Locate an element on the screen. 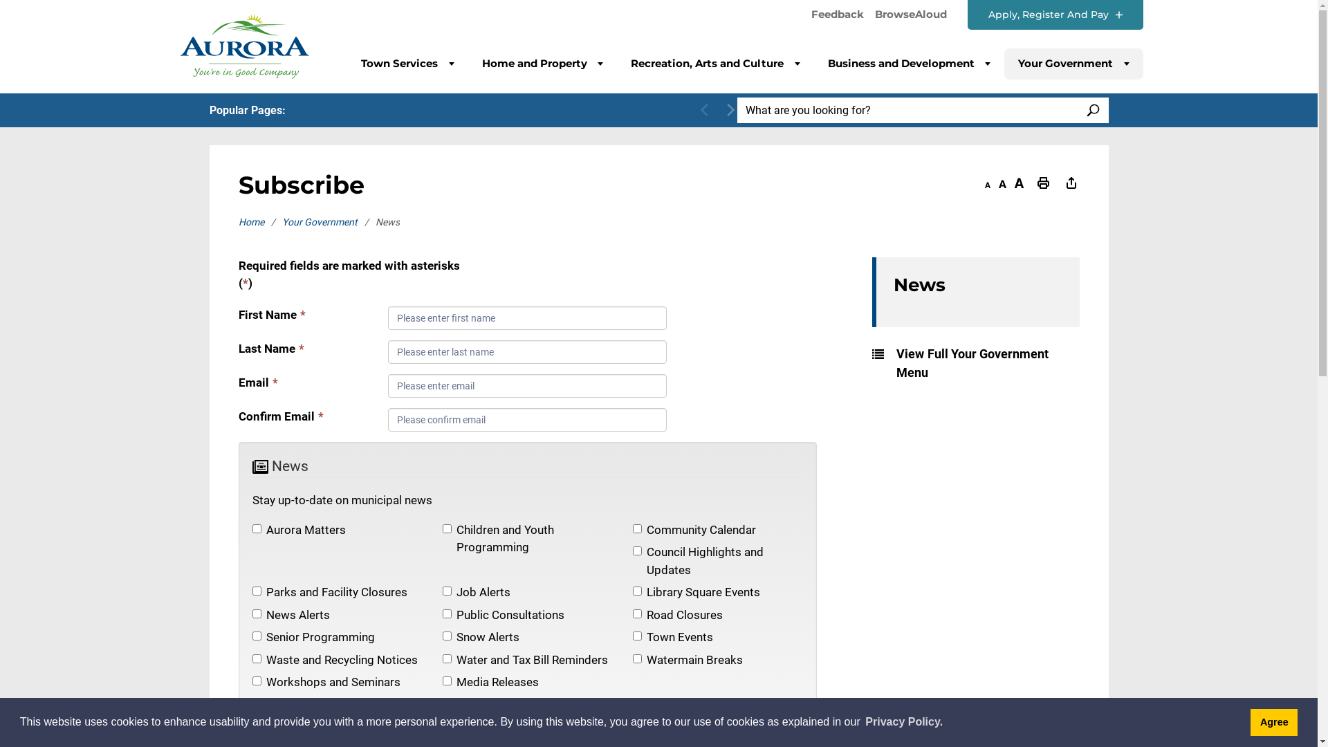  'Decrease text size' is located at coordinates (987, 183).